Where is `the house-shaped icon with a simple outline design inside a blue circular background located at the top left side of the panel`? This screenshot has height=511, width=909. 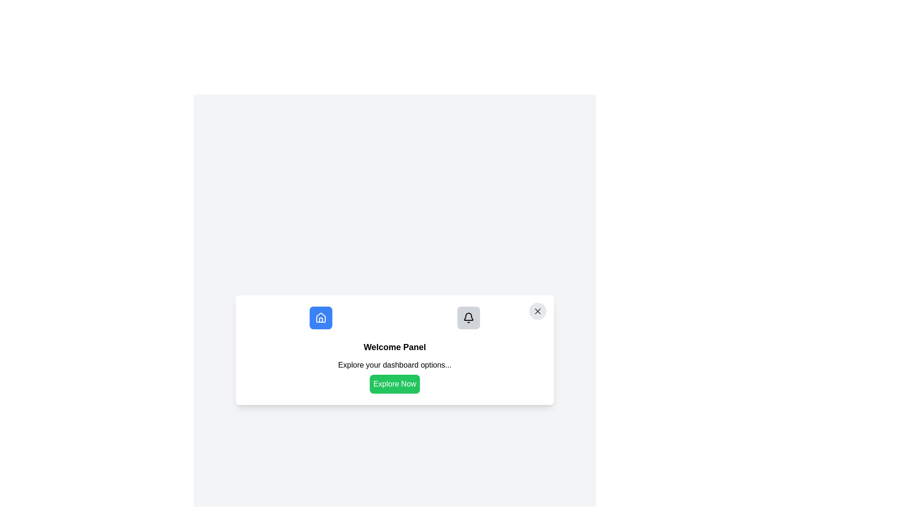
the house-shaped icon with a simple outline design inside a blue circular background located at the top left side of the panel is located at coordinates (321, 317).